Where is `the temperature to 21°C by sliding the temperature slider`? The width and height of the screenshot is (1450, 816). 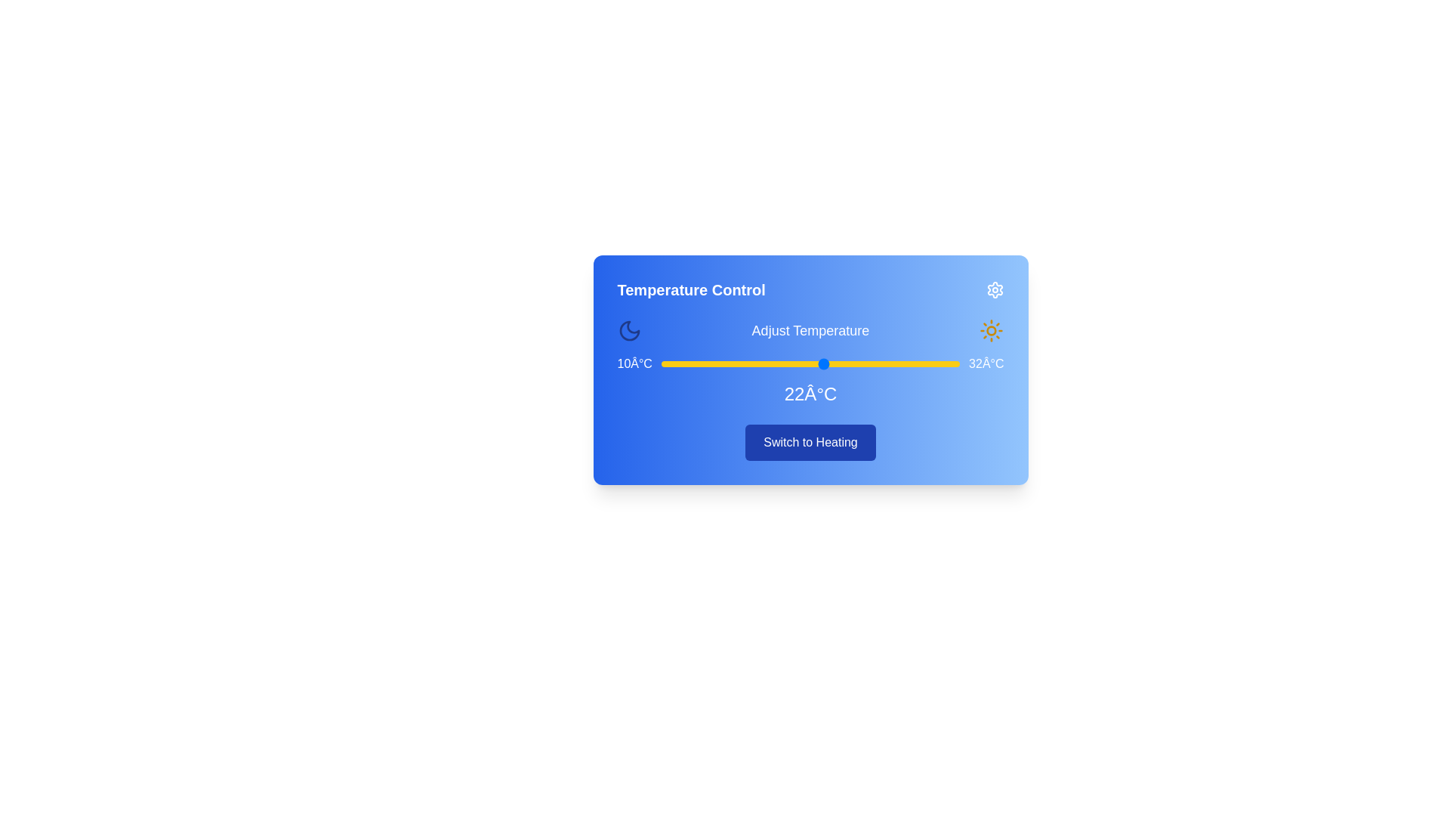 the temperature to 21°C by sliding the temperature slider is located at coordinates (810, 364).